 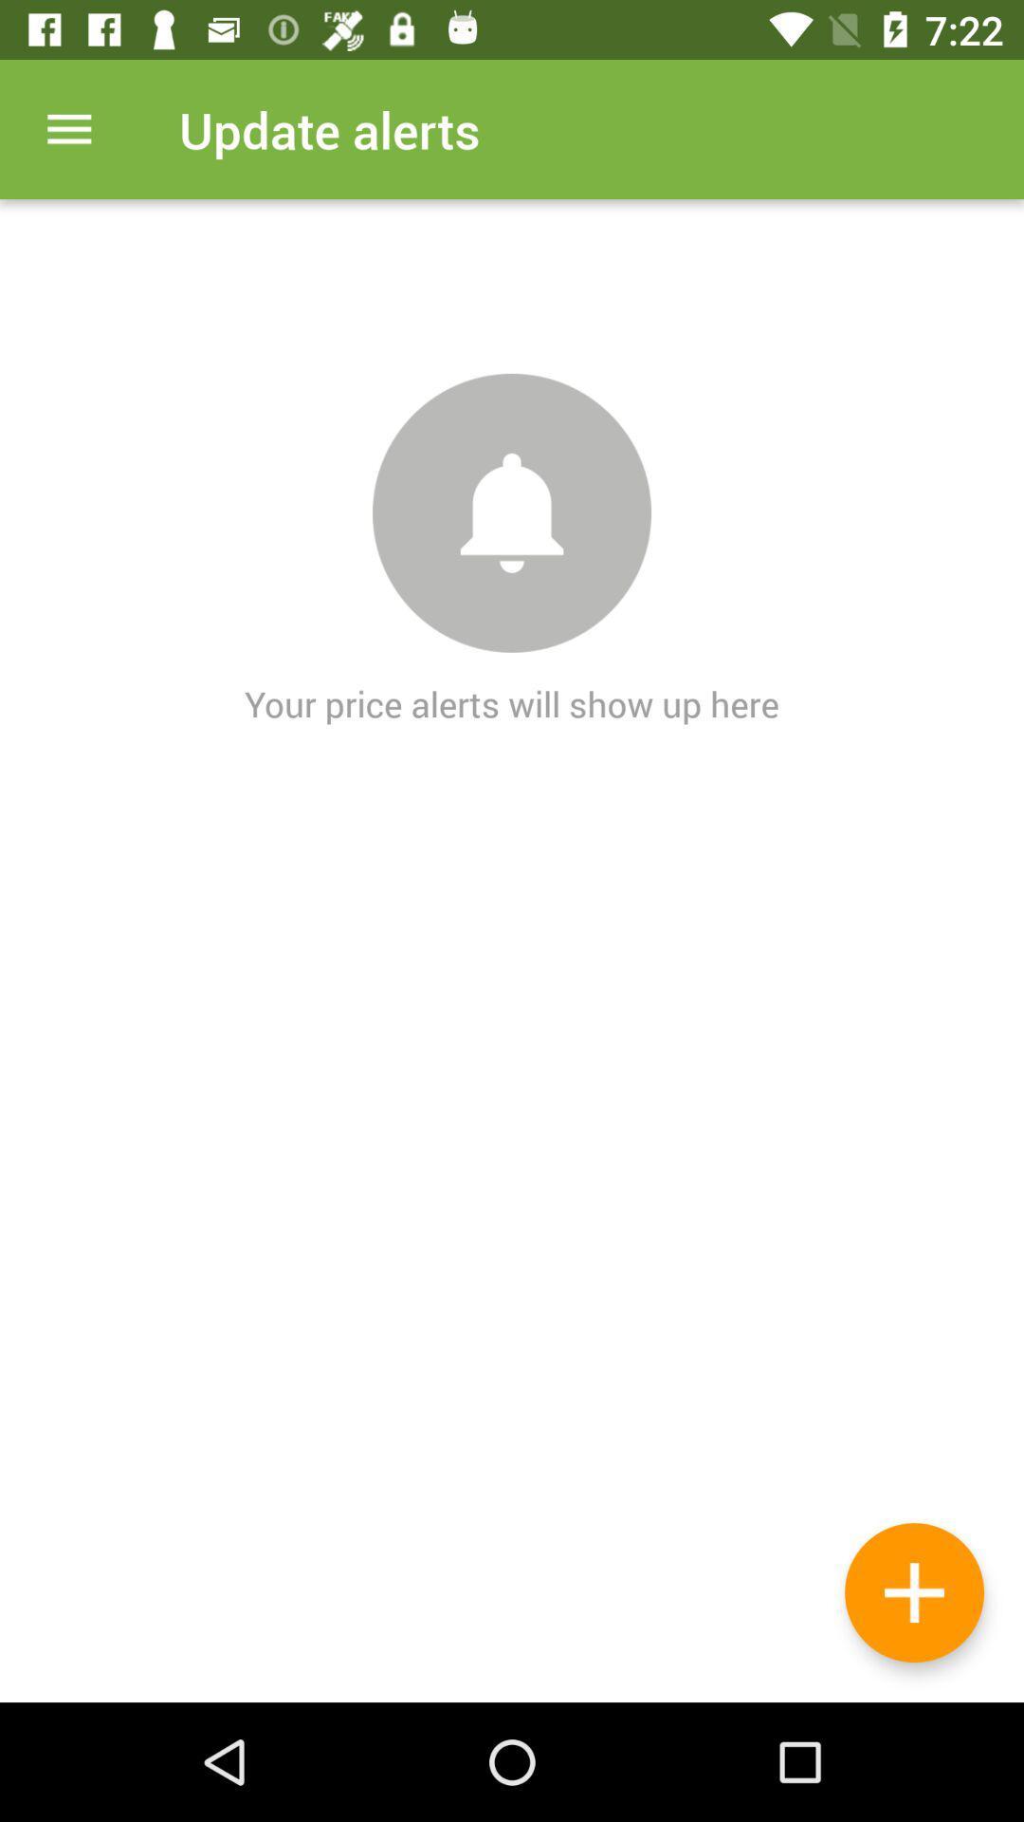 I want to click on item at the top left corner, so click(x=68, y=128).